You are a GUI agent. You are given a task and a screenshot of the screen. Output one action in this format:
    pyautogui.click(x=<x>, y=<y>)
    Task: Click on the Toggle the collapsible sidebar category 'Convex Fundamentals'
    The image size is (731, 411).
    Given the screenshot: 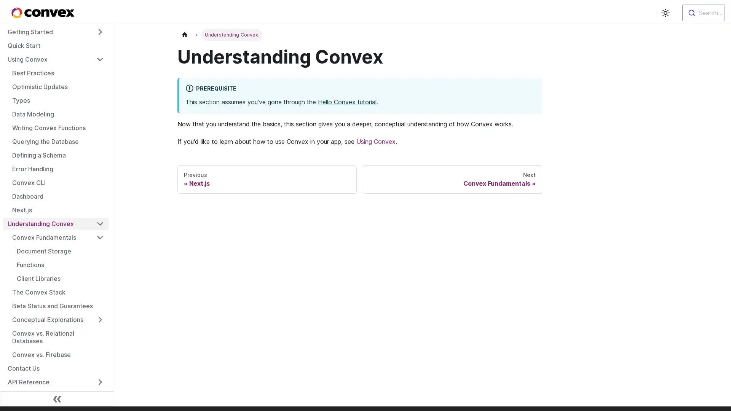 What is the action you would take?
    pyautogui.click(x=100, y=237)
    